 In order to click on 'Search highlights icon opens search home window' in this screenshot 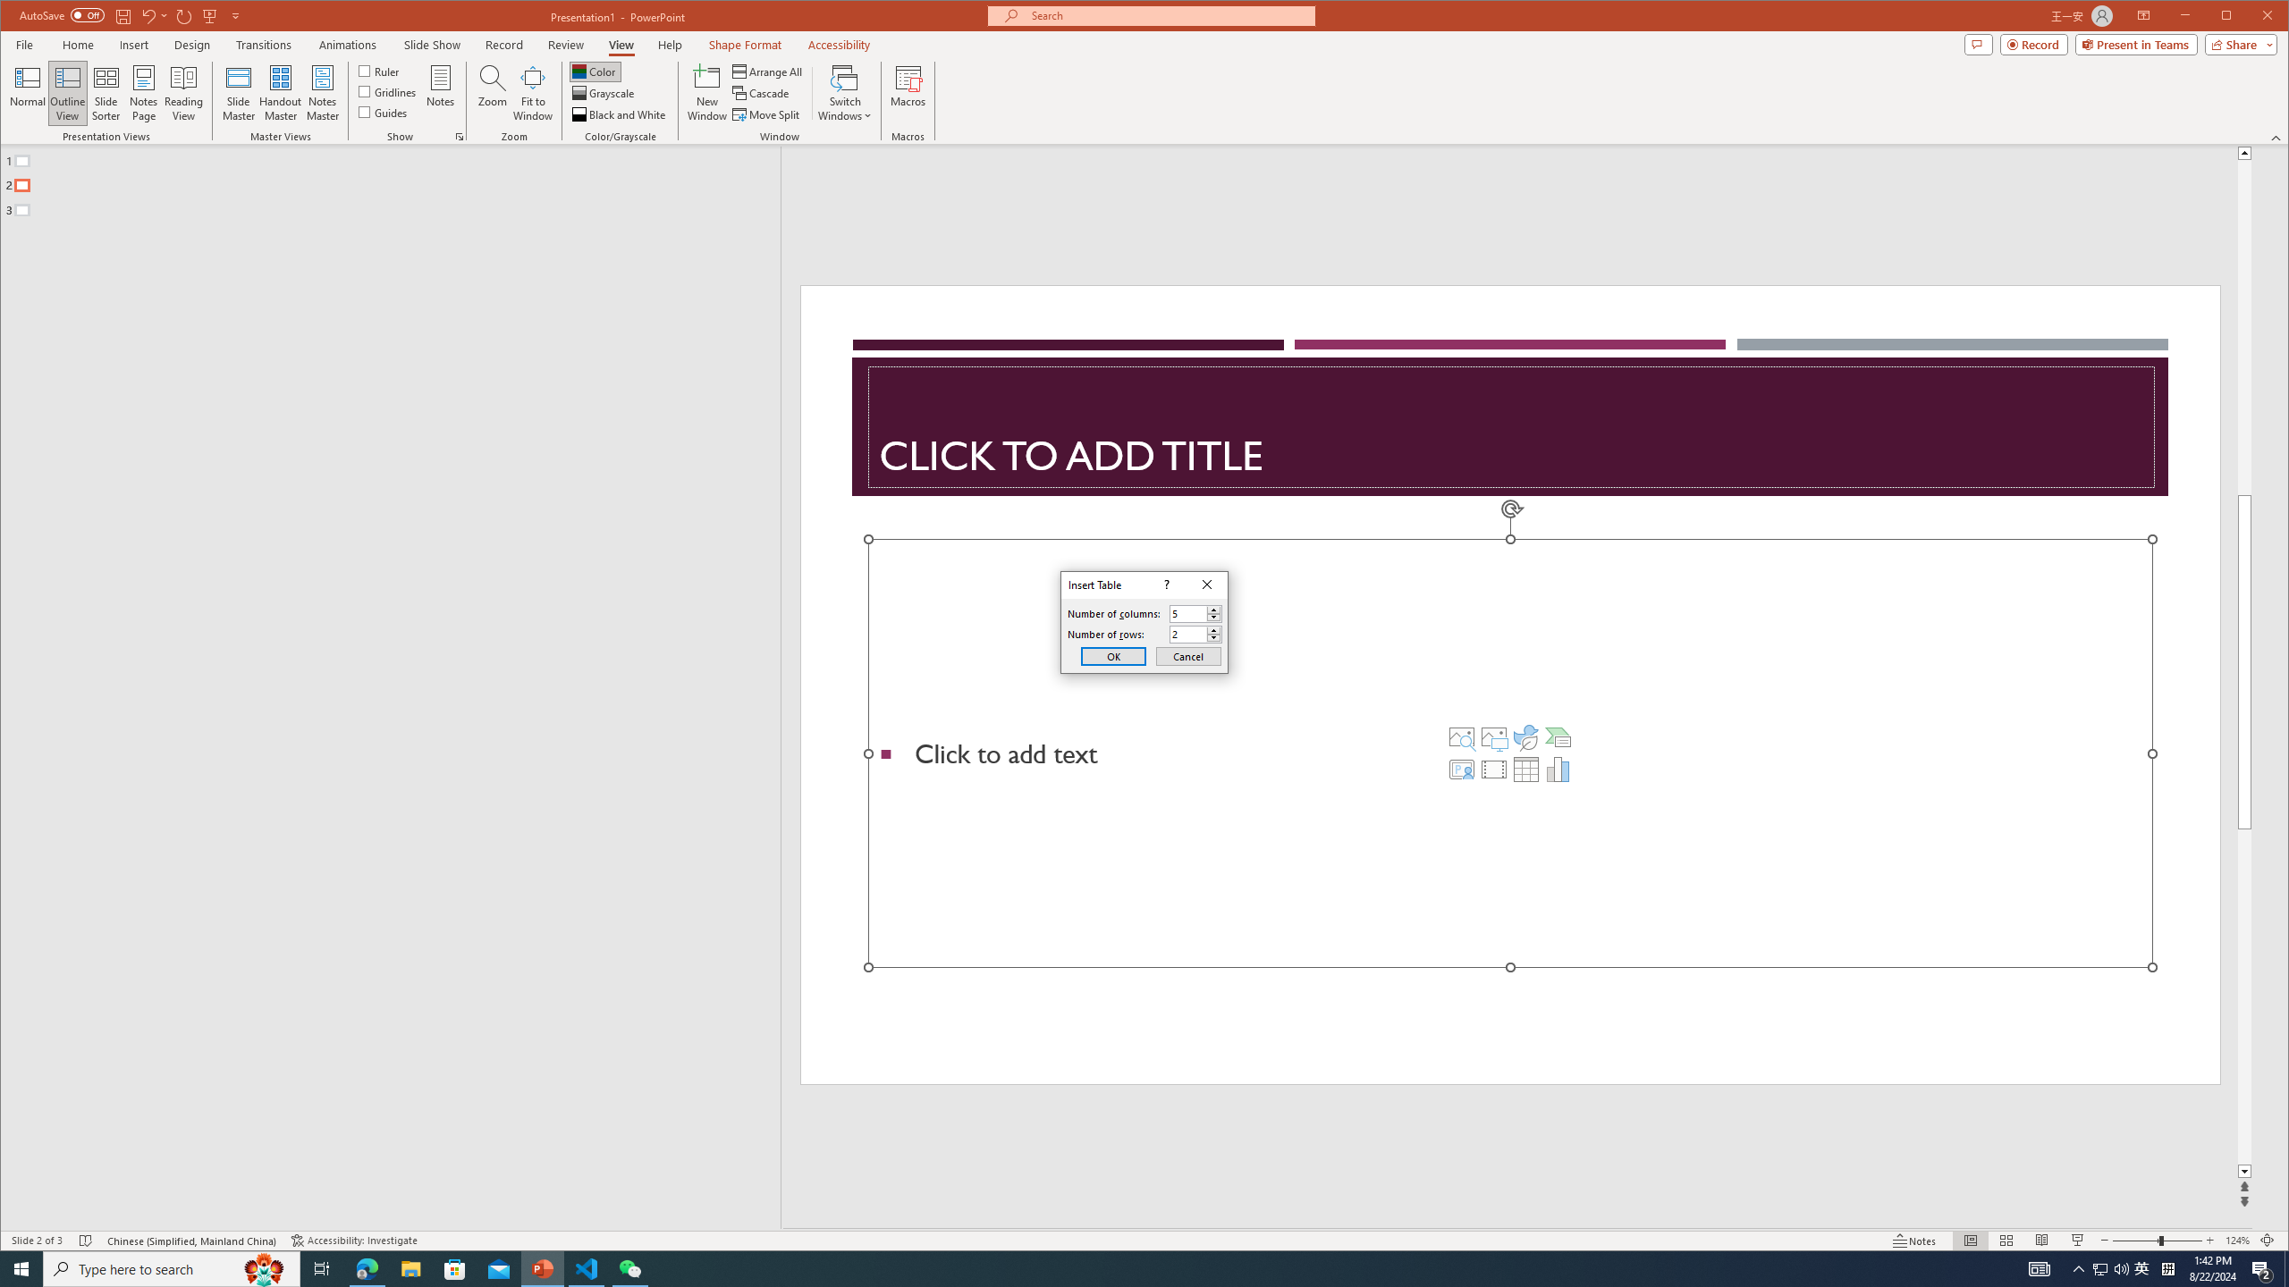, I will do `click(263, 1267)`.